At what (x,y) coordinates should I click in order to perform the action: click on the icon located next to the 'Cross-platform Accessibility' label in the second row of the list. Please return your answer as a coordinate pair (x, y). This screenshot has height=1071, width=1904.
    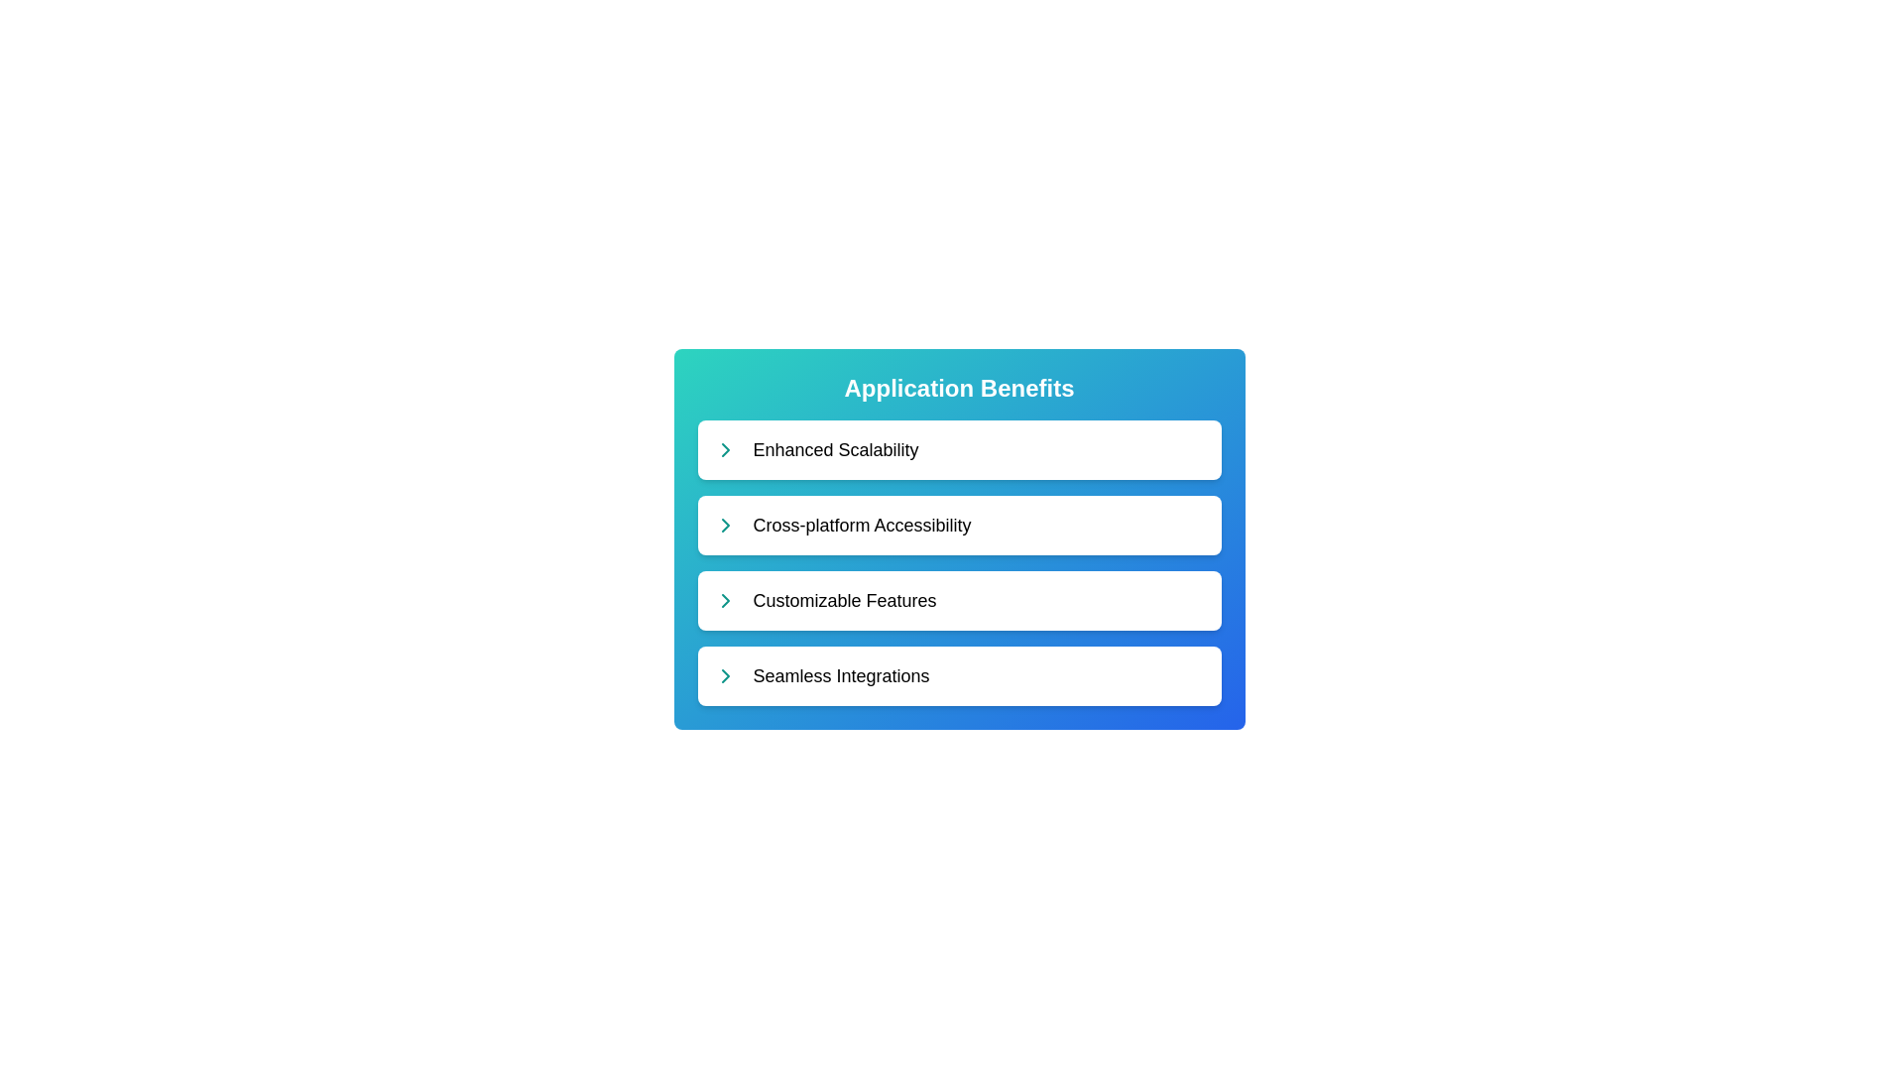
    Looking at the image, I should click on (724, 524).